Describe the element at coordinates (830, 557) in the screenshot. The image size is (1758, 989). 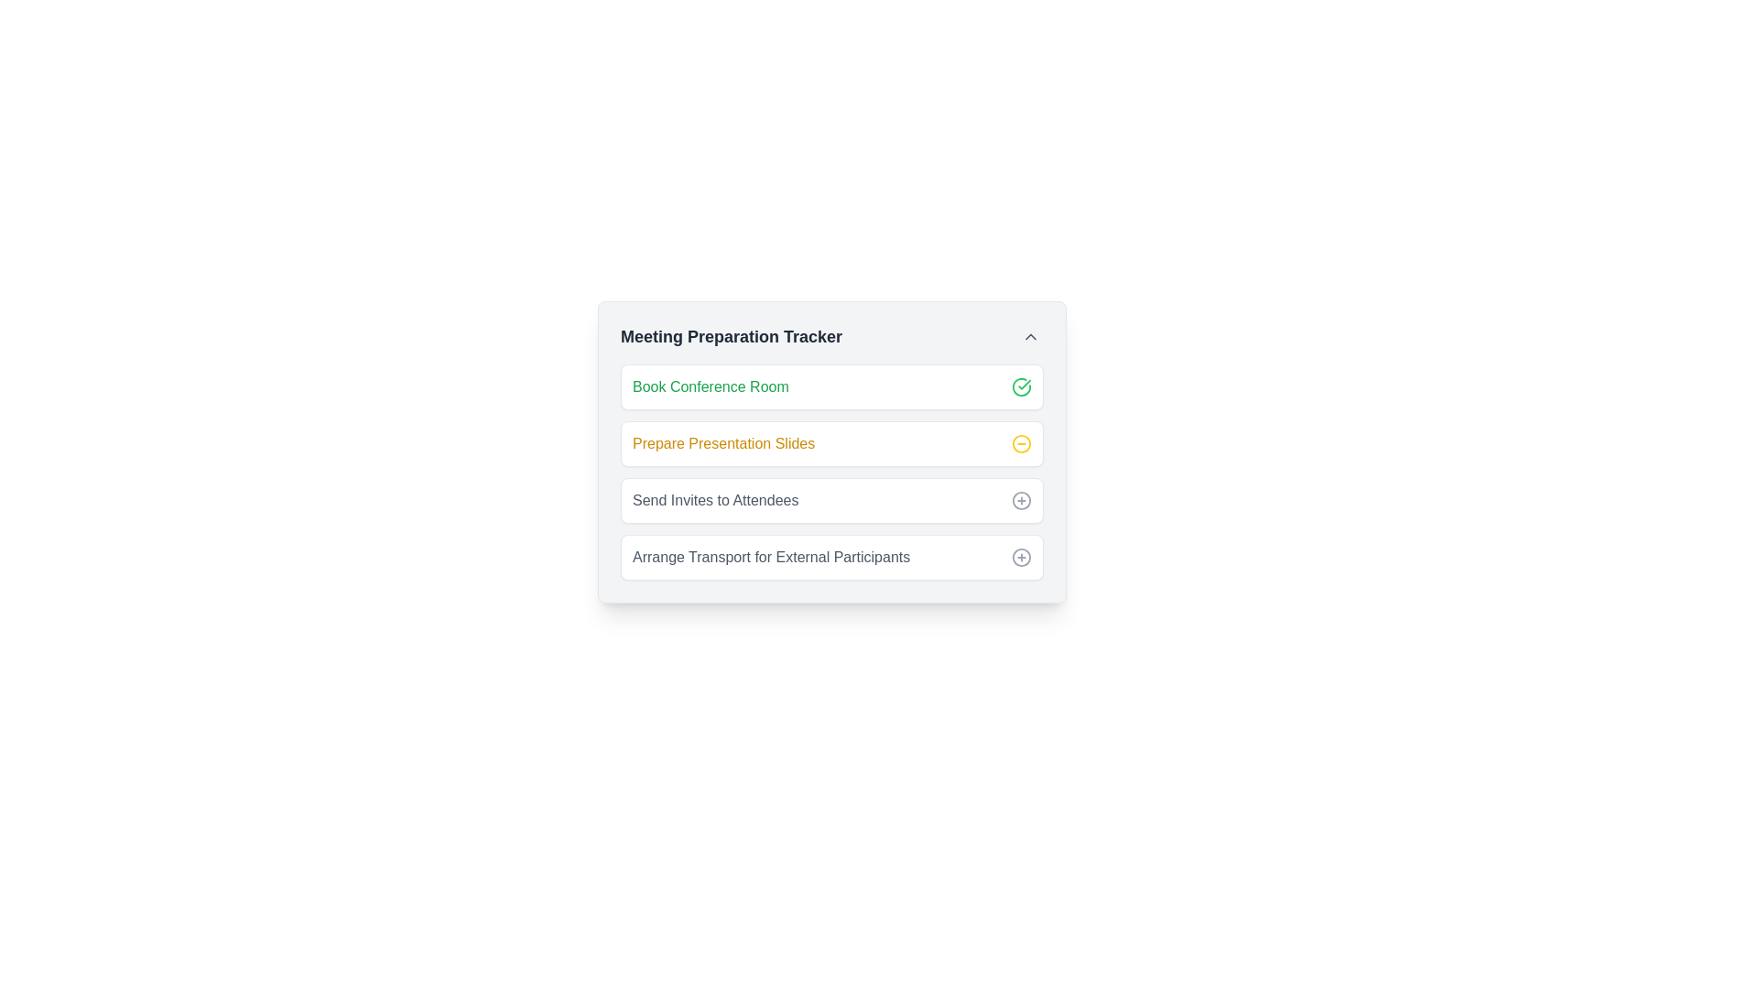
I see `the task card with the text 'Arrange Transport for External Participants' in the 'Meeting Preparation Tracker'` at that location.